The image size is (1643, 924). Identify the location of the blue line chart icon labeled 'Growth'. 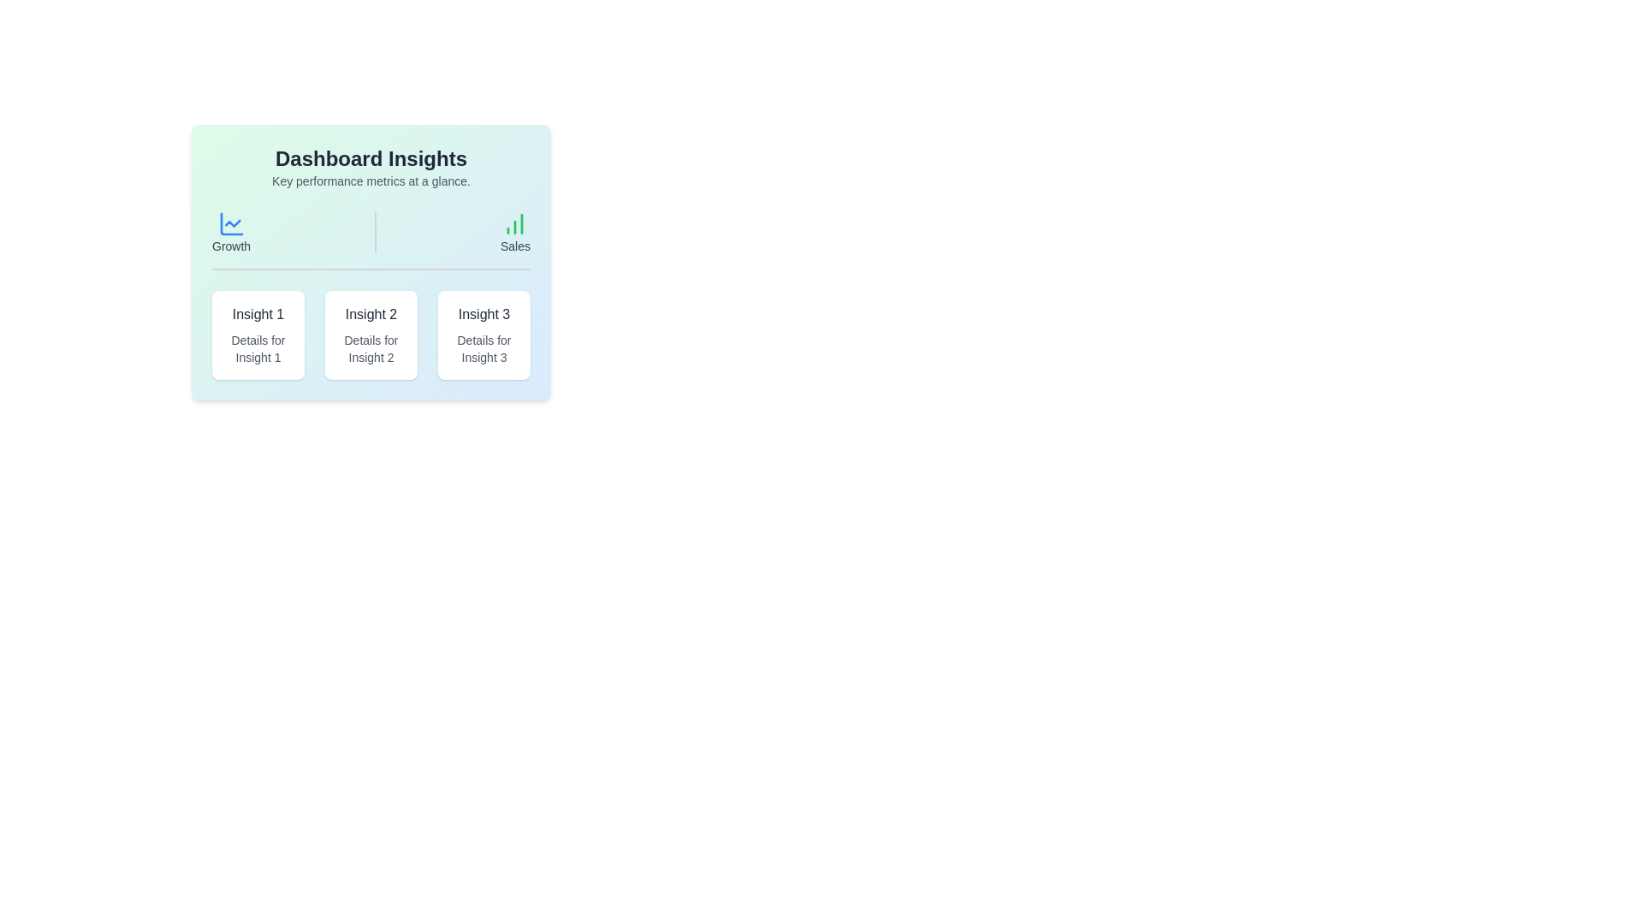
(230, 233).